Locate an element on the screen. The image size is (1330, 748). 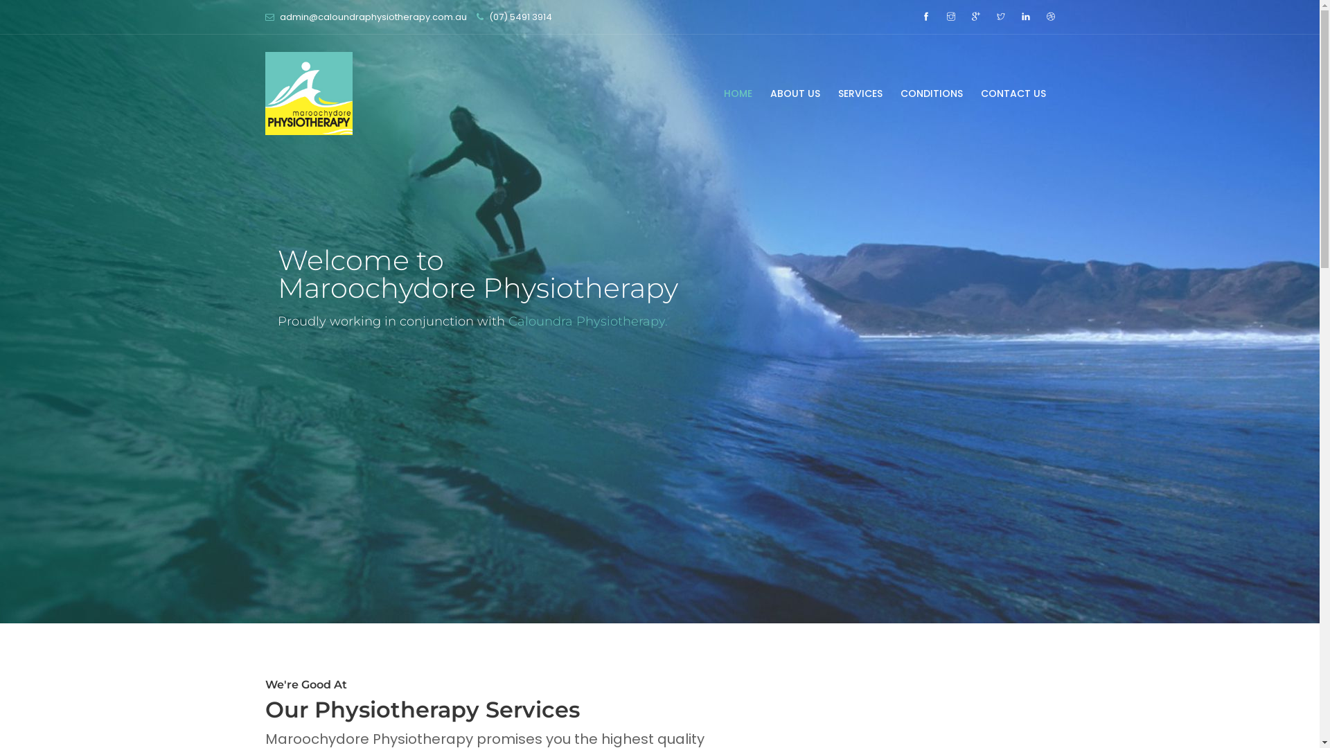
'HOME' is located at coordinates (737, 93).